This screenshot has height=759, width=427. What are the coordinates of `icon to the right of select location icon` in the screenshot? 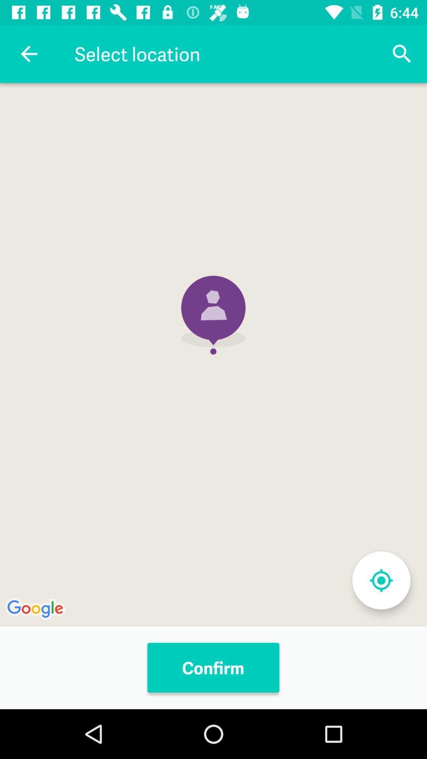 It's located at (402, 53).